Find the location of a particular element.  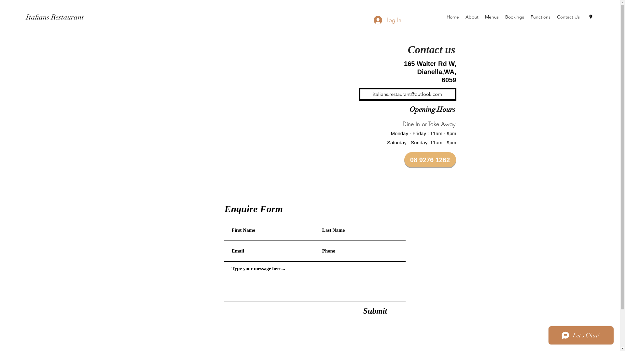

'Bookings' is located at coordinates (514, 16).